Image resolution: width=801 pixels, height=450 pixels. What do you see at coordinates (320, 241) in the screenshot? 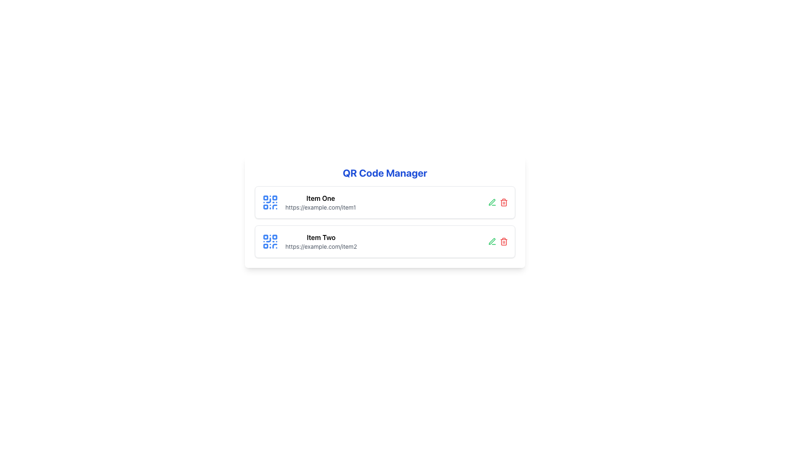
I see `text display element titled 'Item Two' with the subtitle 'https://example.com/item2' located in the second position of a vertical list` at bounding box center [320, 241].